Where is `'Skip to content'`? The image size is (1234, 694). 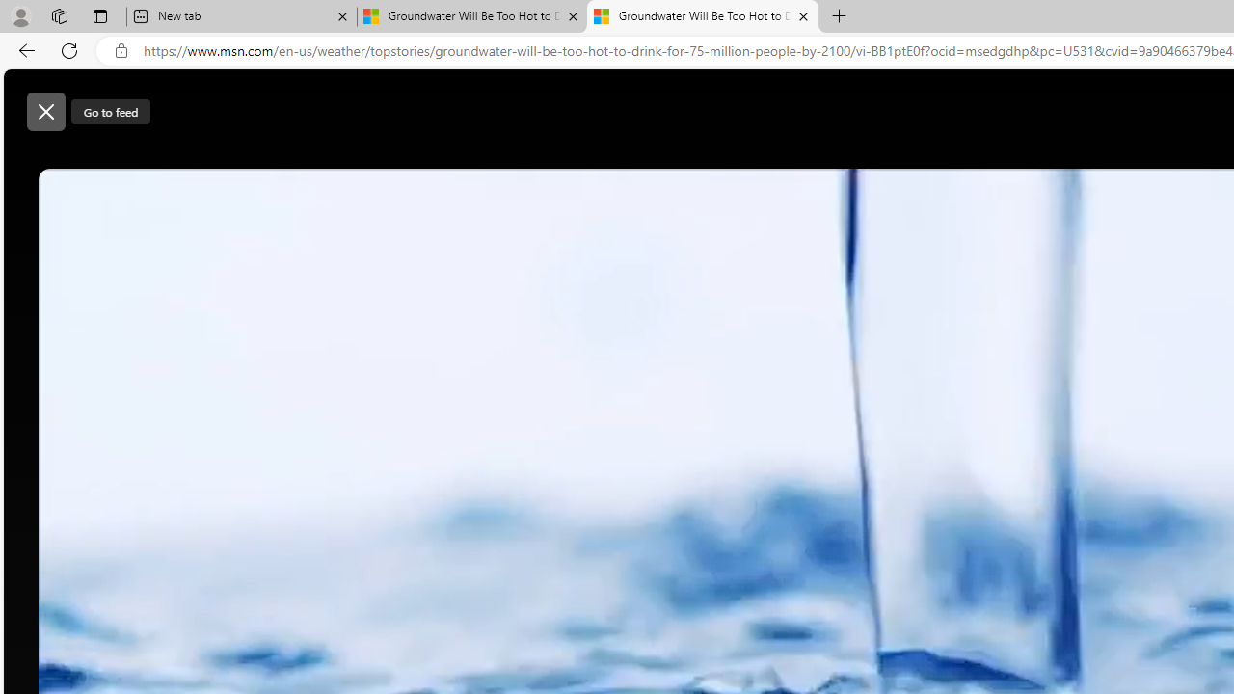
'Skip to content' is located at coordinates (83, 101).